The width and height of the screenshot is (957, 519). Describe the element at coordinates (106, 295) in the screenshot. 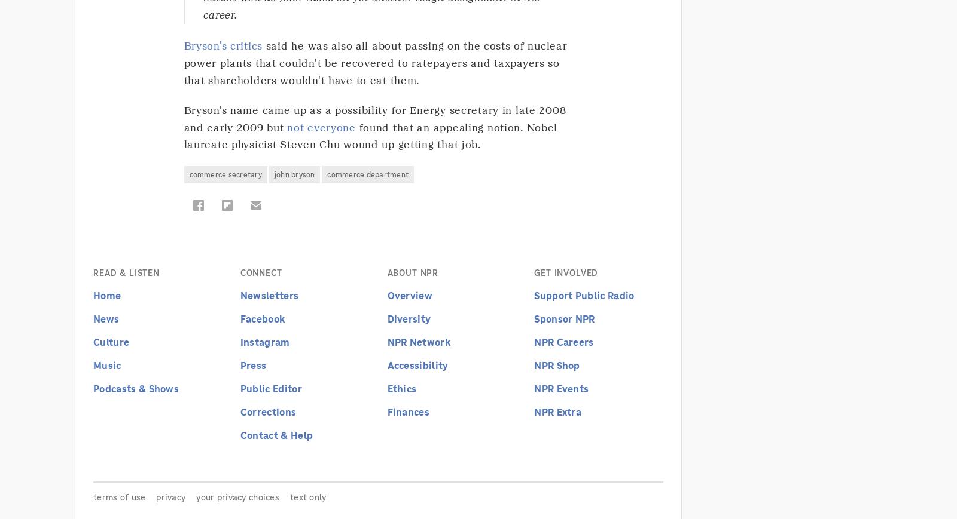

I see `'Home'` at that location.